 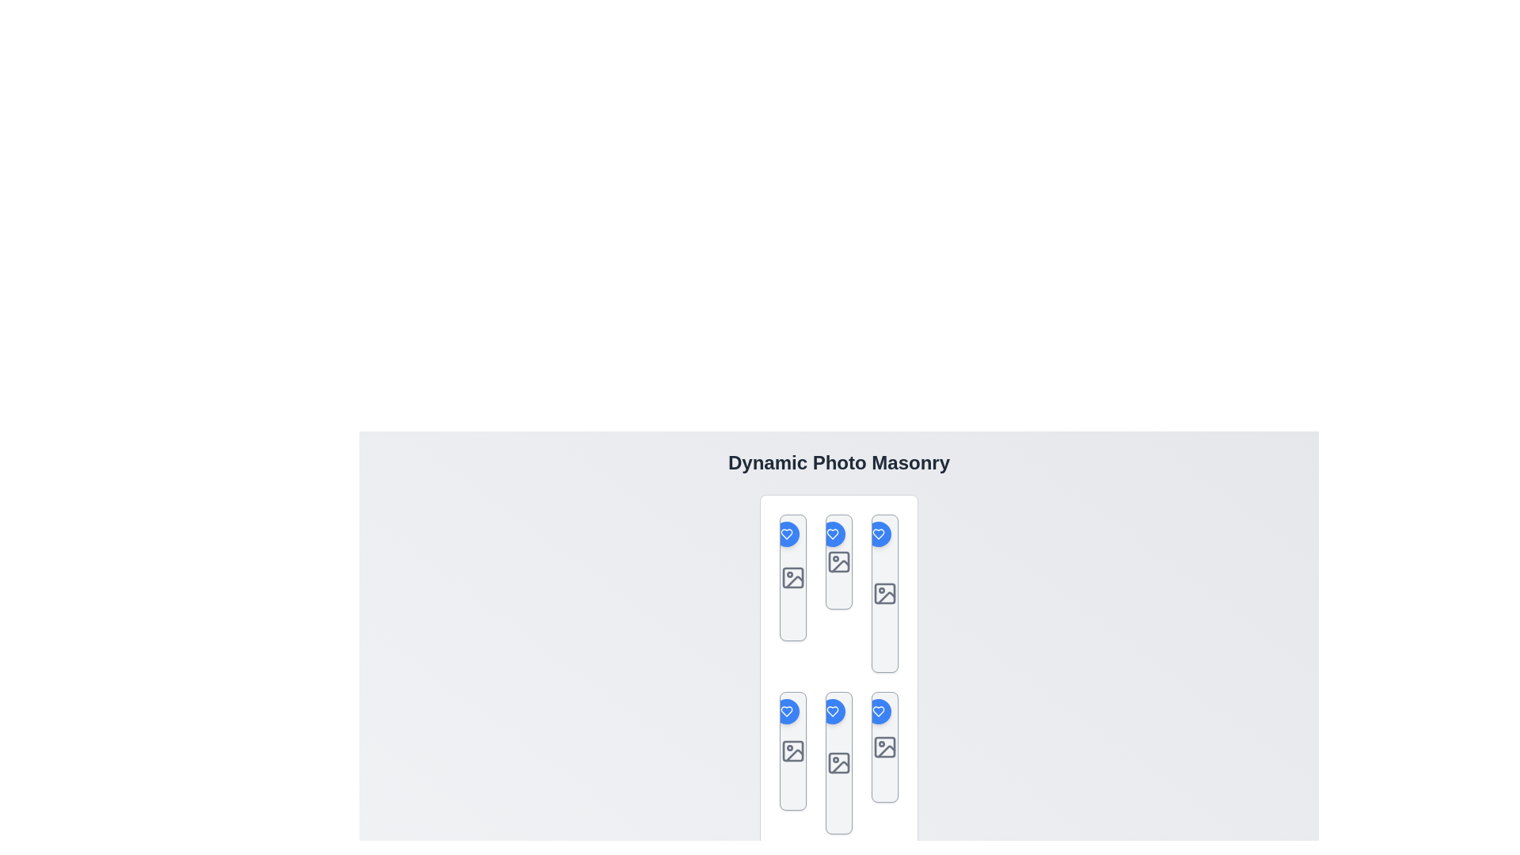 I want to click on the favorite icon located in the bottom-left quadrant of the 'Dynamic Photo Masonry' grid, which is the first item in the leftmost column in the last row, so click(x=786, y=710).